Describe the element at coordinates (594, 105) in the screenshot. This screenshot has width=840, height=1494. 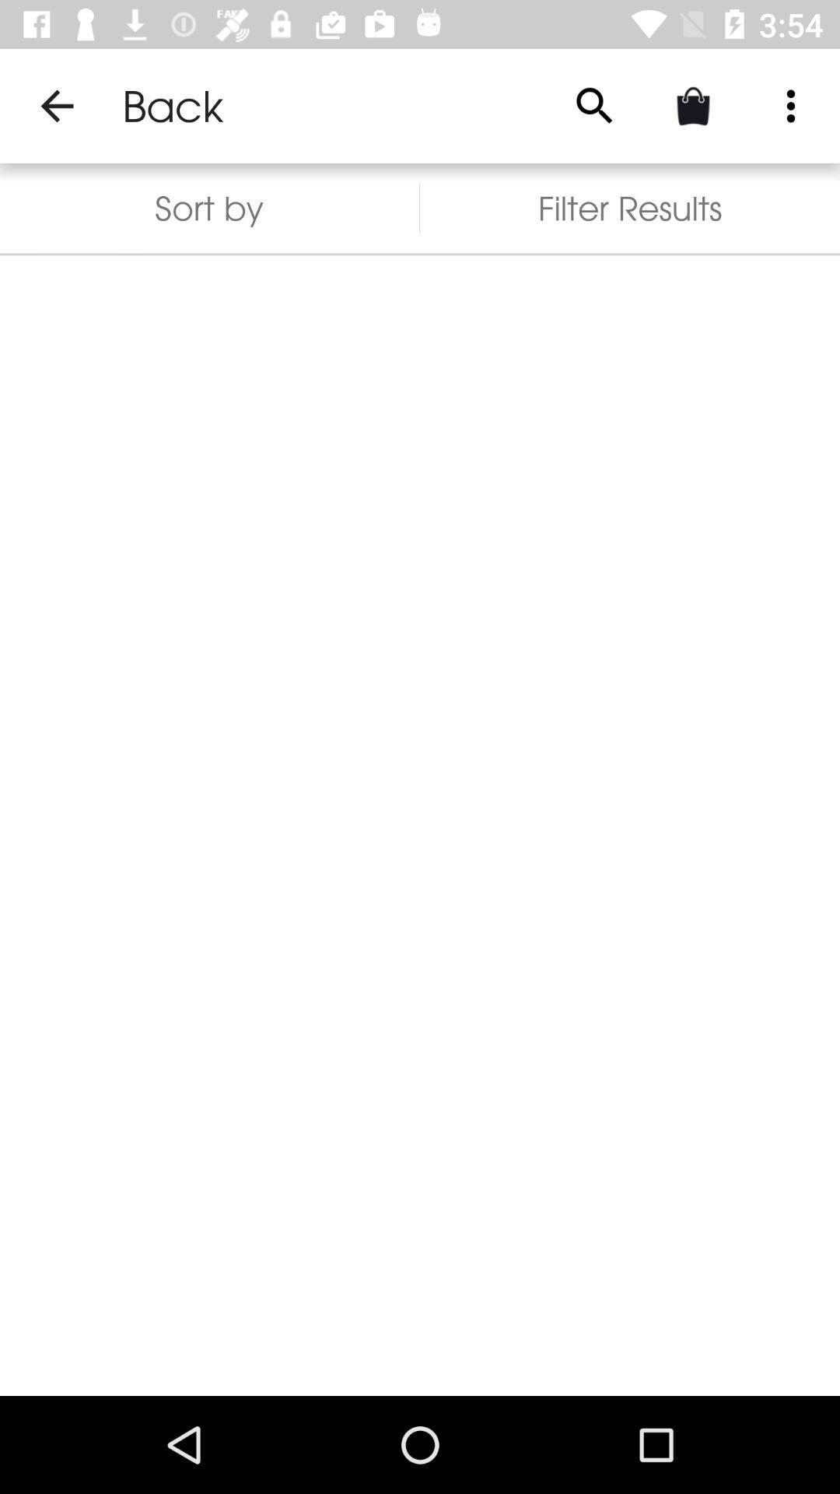
I see `the icon next to sort by` at that location.